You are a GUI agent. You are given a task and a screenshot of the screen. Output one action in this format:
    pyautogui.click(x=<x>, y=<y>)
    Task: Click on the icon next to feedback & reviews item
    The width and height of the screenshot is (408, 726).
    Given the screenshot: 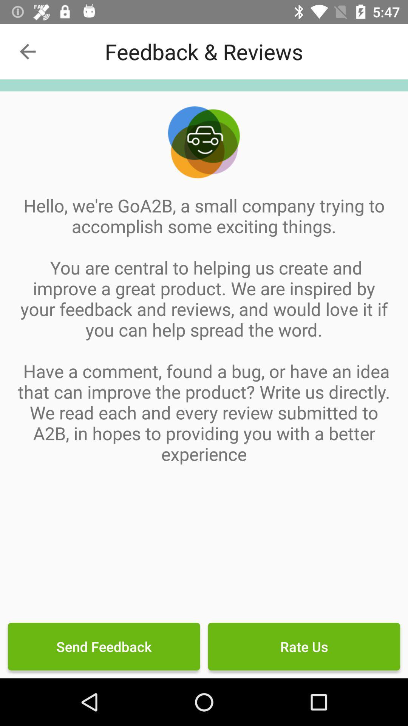 What is the action you would take?
    pyautogui.click(x=27, y=51)
    